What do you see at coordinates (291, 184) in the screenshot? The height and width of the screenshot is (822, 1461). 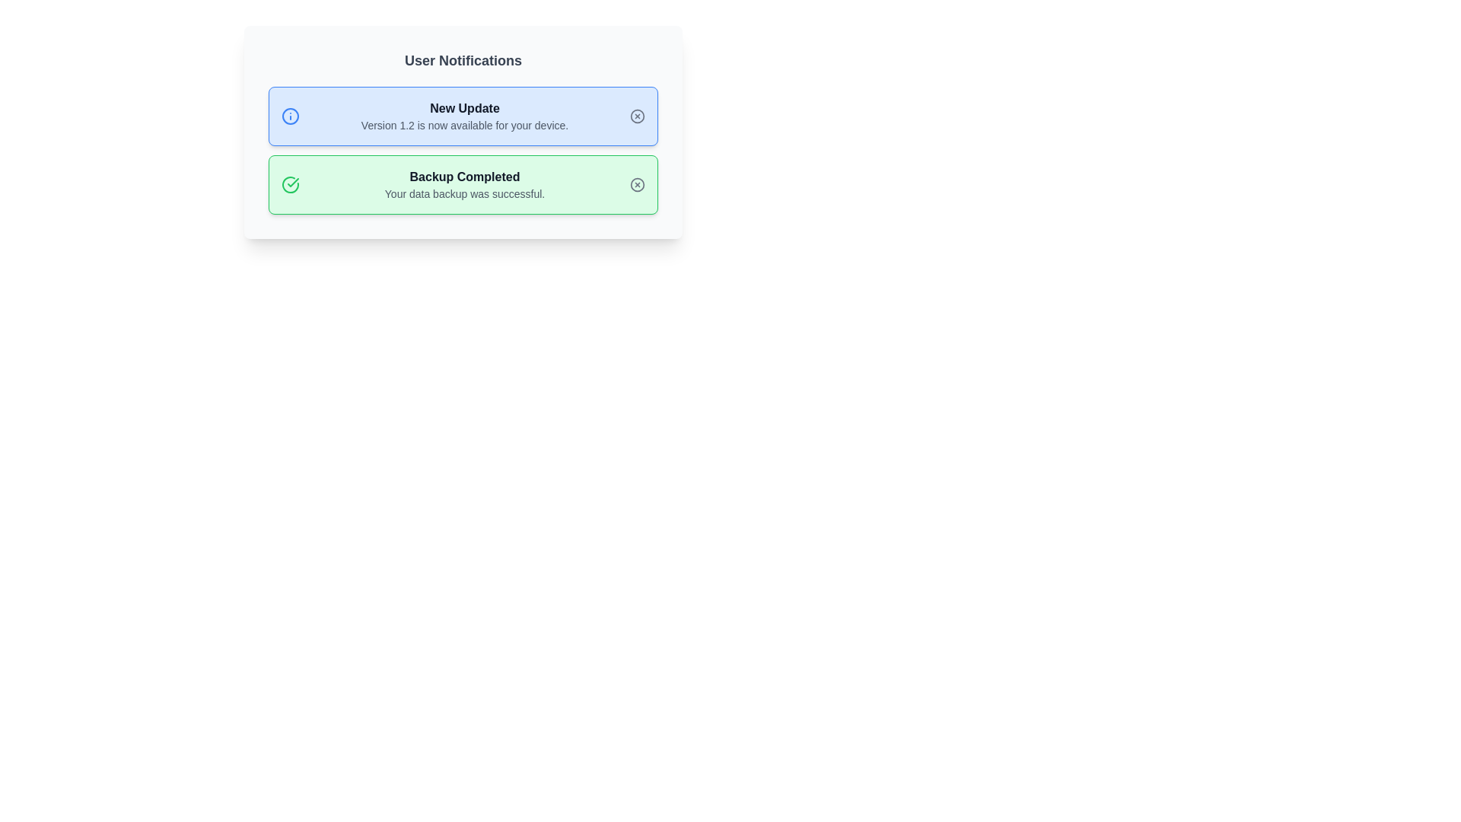 I see `SVG graphical icon representing a successful operation in the 'Backup Completed' notification panel to view its structure and attributes` at bounding box center [291, 184].